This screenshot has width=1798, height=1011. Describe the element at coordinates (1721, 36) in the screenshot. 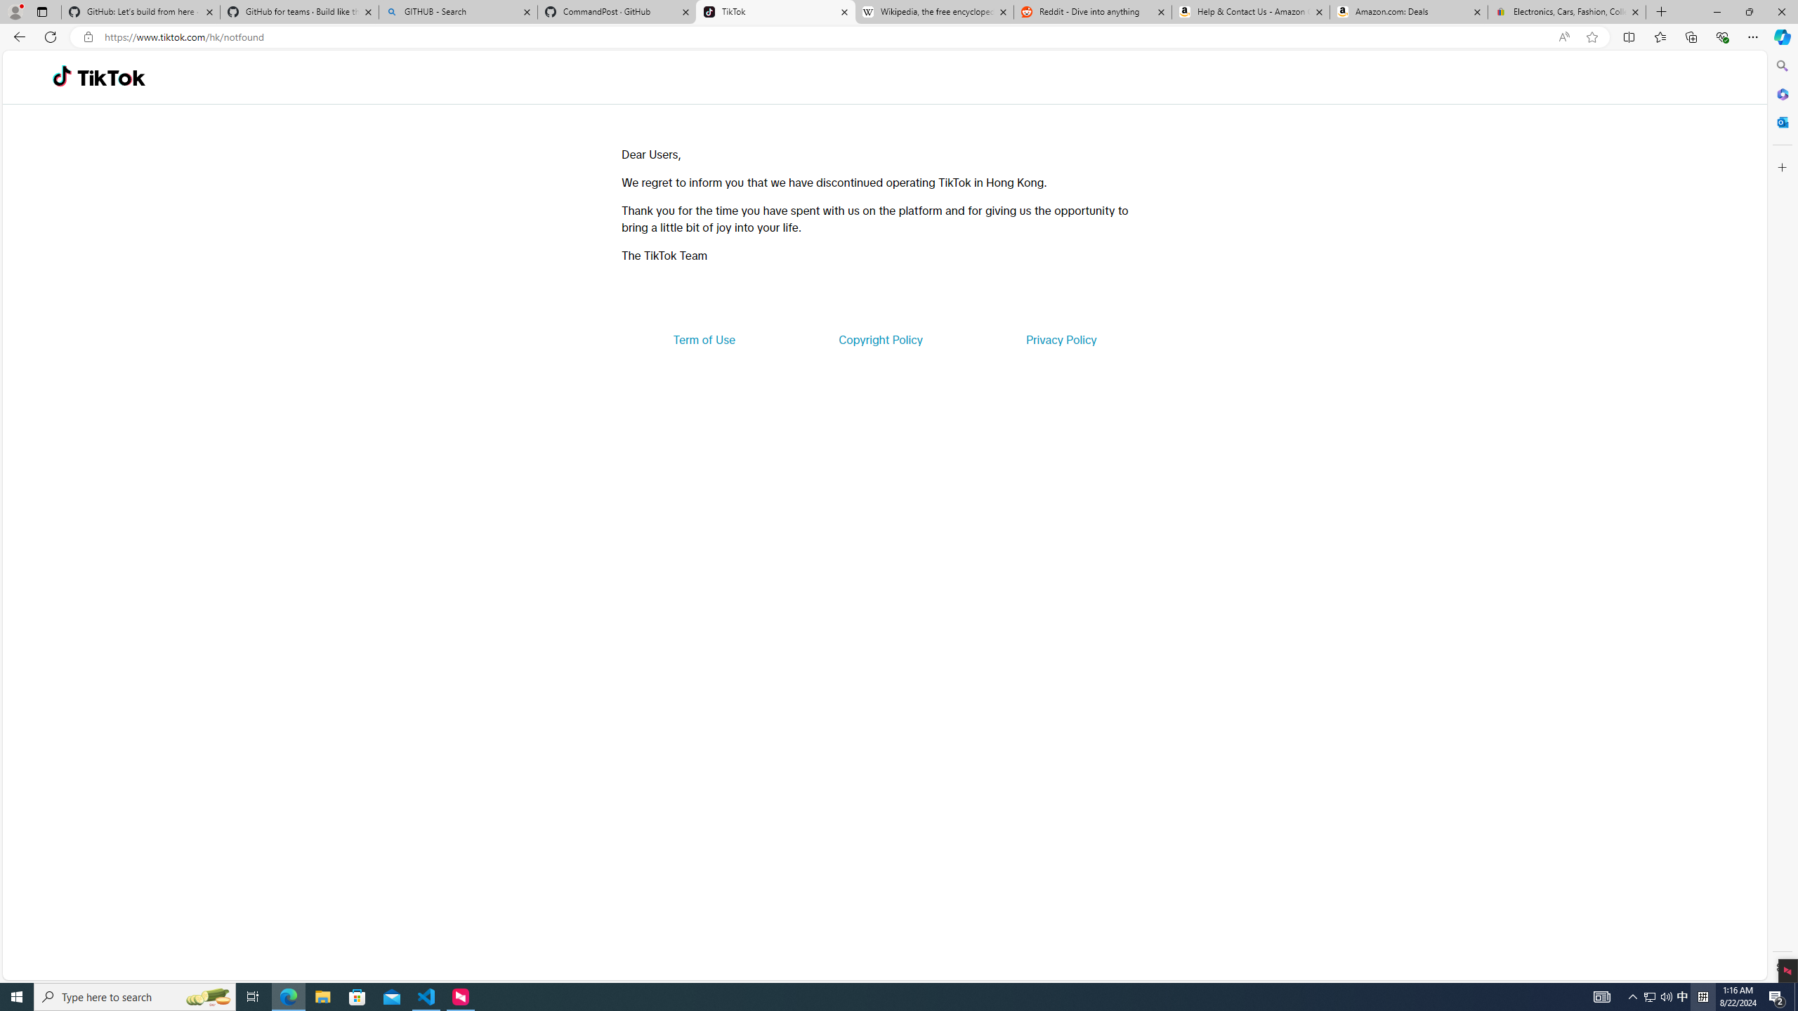

I see `'Browser essentials'` at that location.